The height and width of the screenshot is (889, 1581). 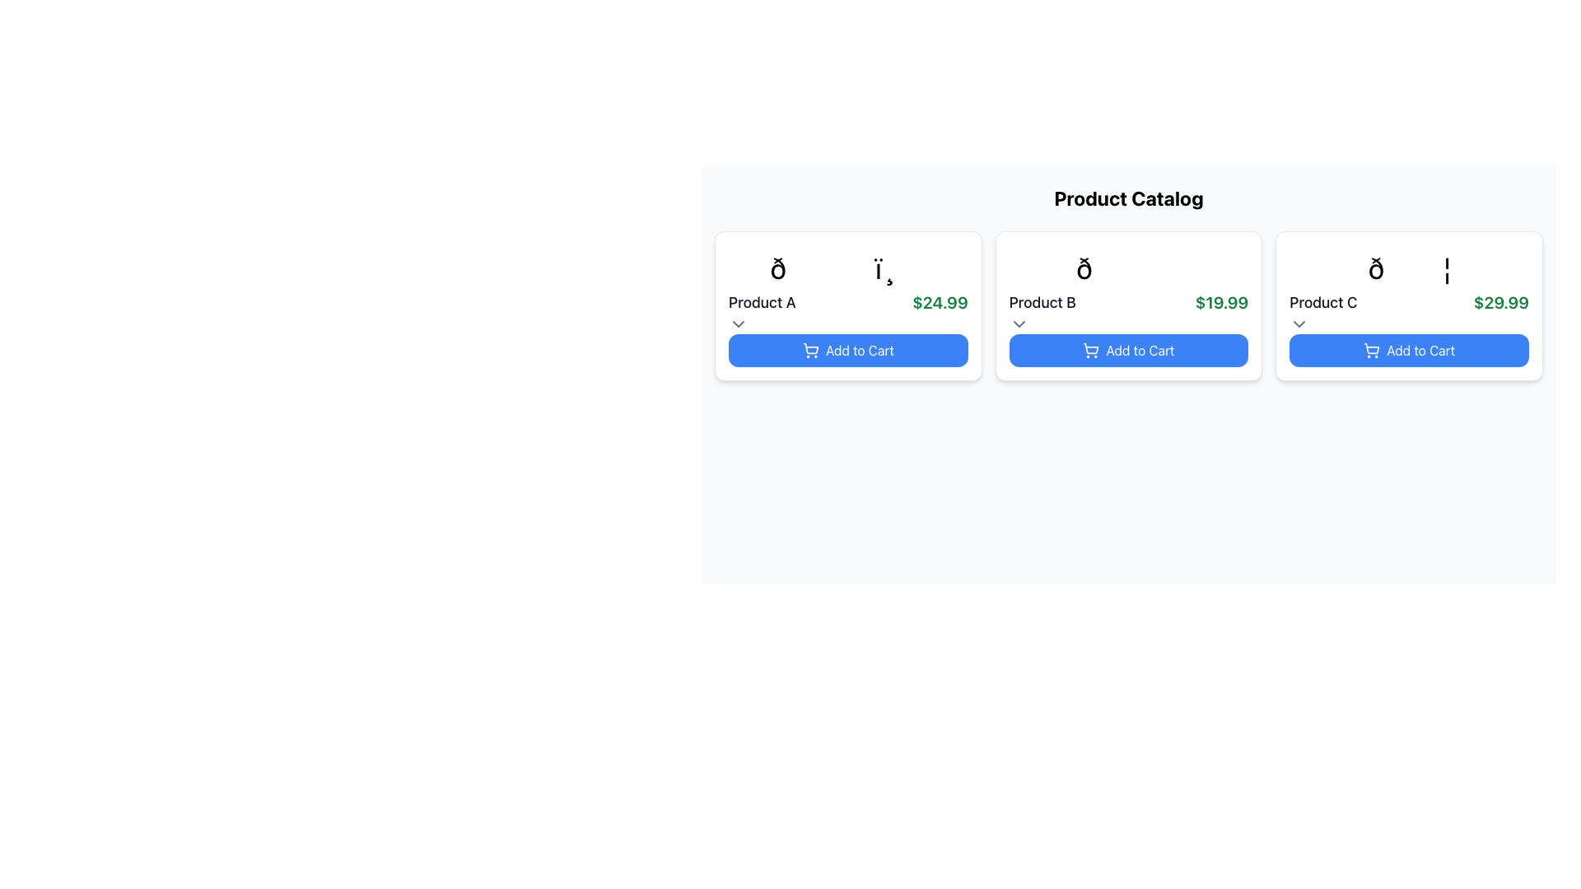 I want to click on the chevron-down SVG icon located under the 'Product A' label in the first product card, so click(x=738, y=323).